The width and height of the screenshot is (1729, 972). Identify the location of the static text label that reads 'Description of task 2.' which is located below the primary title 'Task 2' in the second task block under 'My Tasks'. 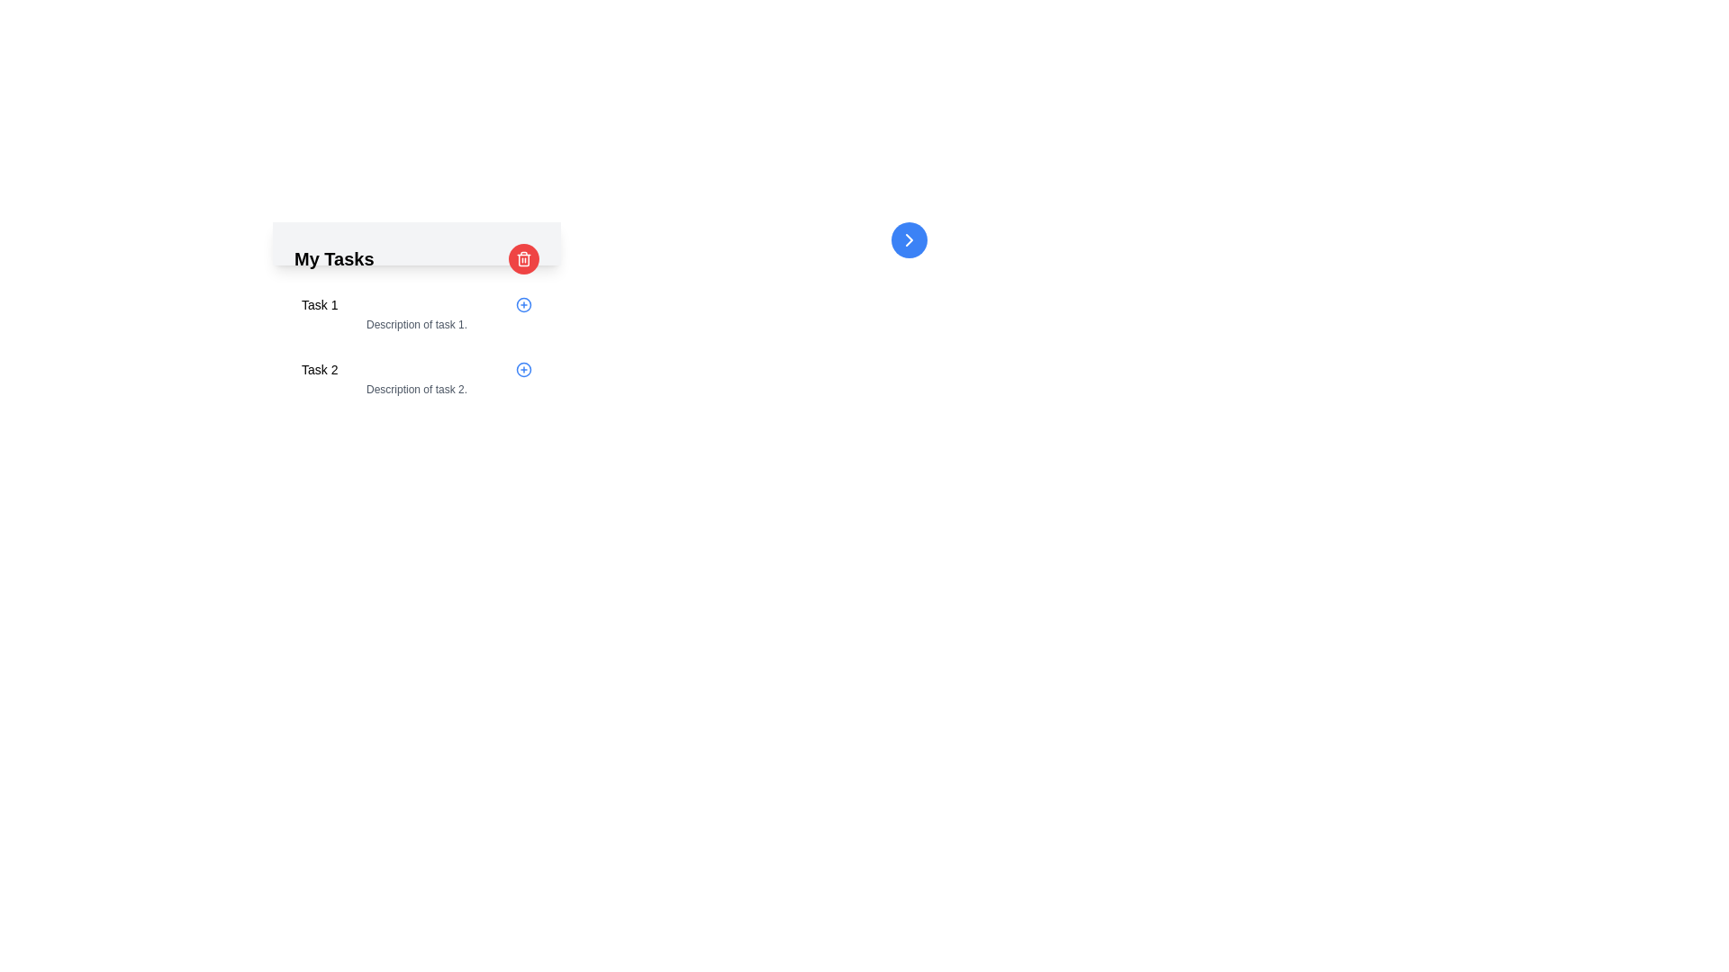
(415, 388).